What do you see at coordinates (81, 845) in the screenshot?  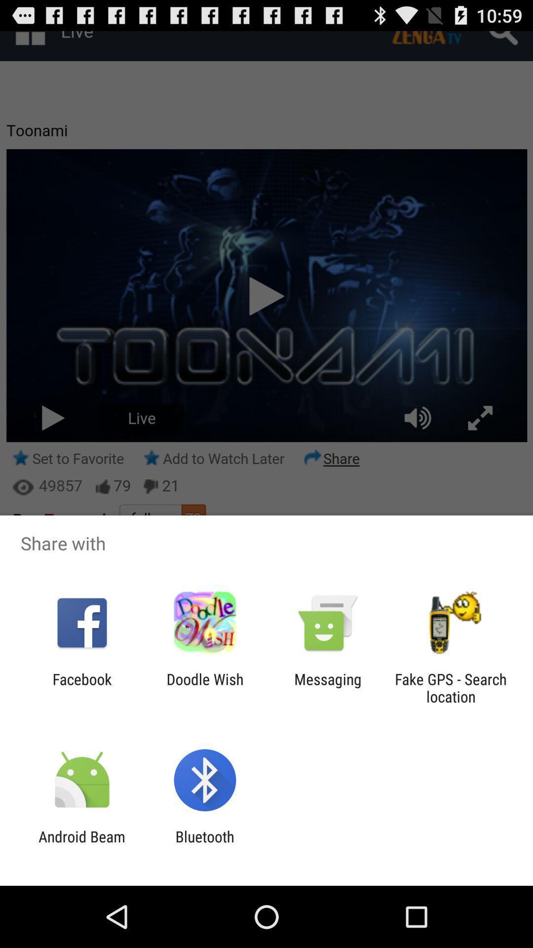 I see `app to the left of bluetooth item` at bounding box center [81, 845].